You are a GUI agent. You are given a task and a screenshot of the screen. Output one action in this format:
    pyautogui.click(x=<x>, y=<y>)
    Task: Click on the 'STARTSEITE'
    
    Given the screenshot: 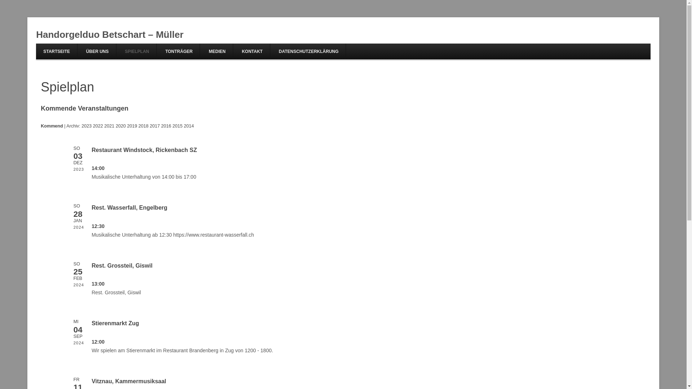 What is the action you would take?
    pyautogui.click(x=56, y=51)
    